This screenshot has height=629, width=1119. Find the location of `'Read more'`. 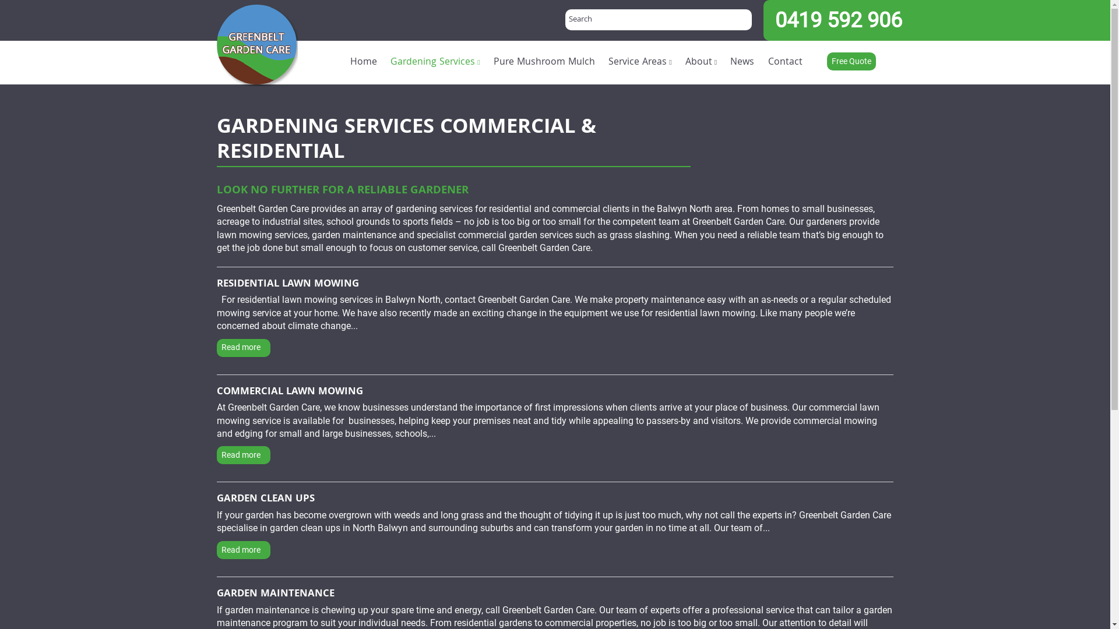

'Read more' is located at coordinates (242, 347).